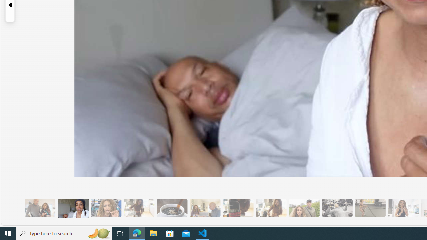  I want to click on '10 Then, They Do HIIT Cardio', so click(370, 208).